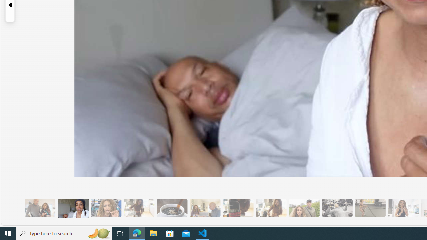  I want to click on '10 Then, They Do HIIT Cardio', so click(370, 208).